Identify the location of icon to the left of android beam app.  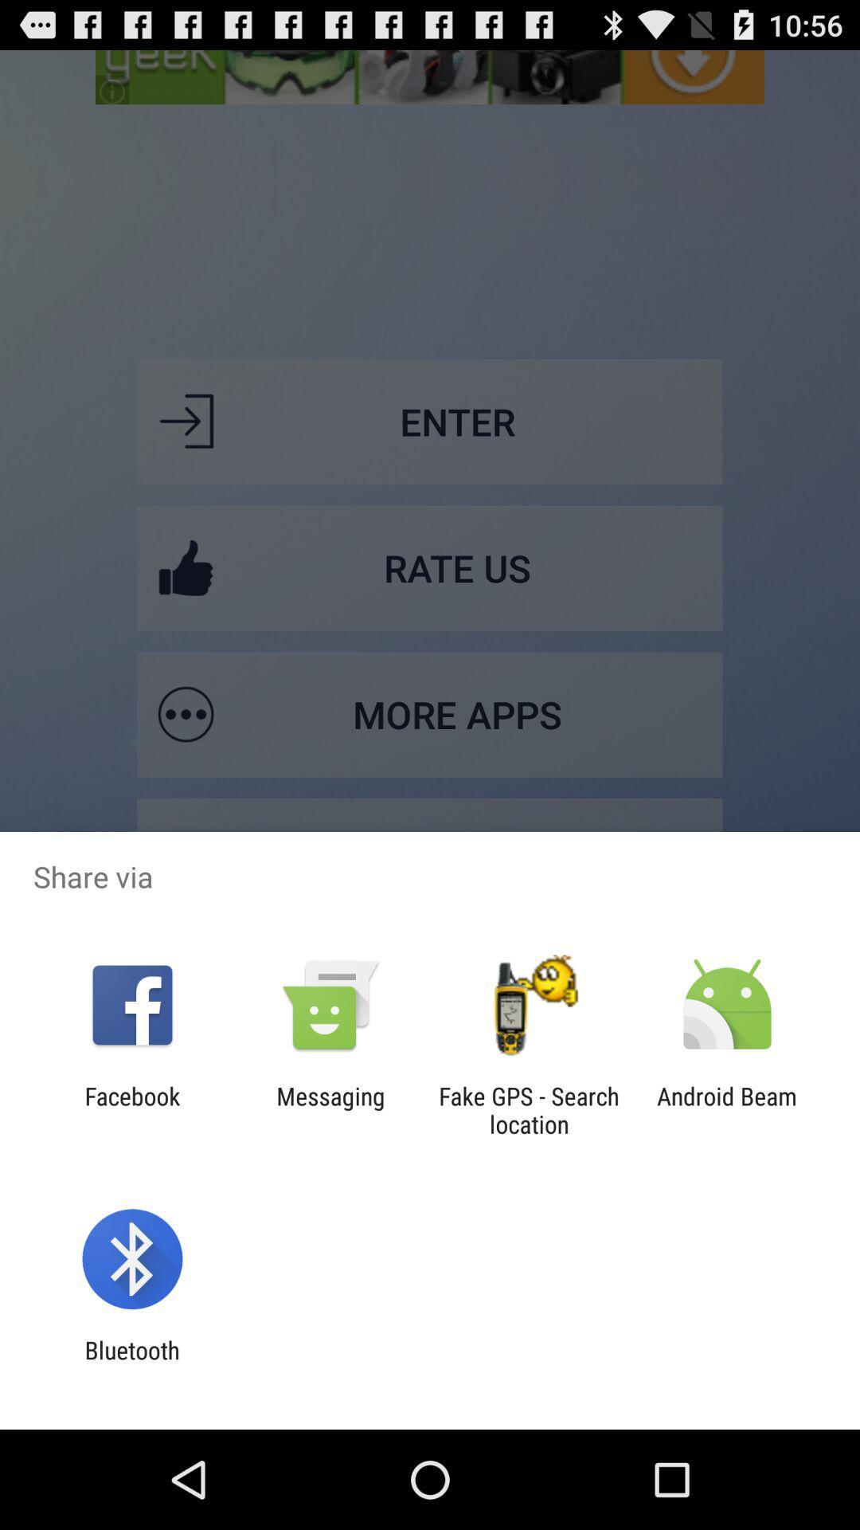
(529, 1109).